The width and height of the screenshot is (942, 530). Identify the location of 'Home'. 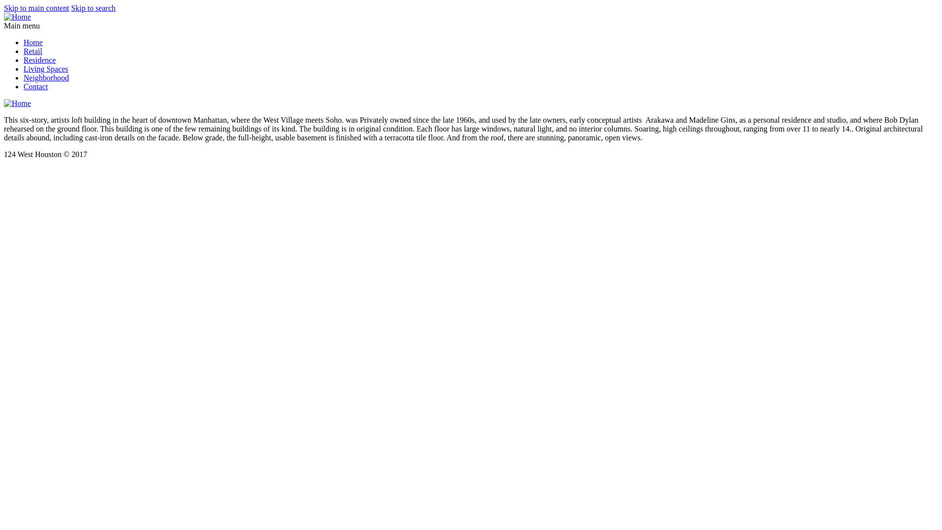
(24, 42).